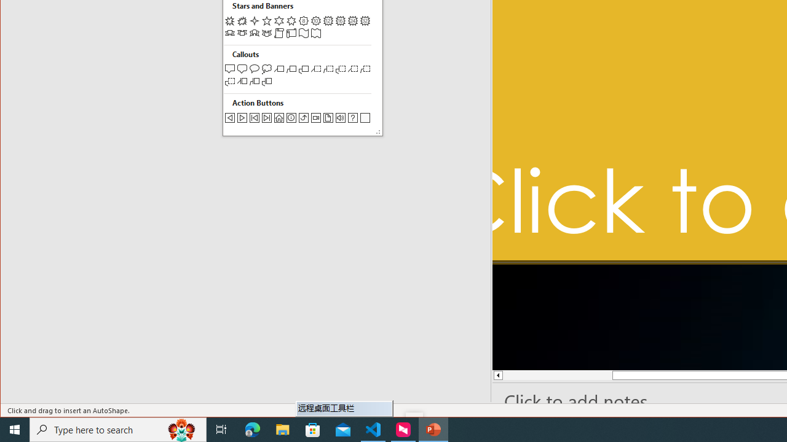 This screenshot has height=442, width=787. I want to click on 'Microsoft Store', so click(313, 428).